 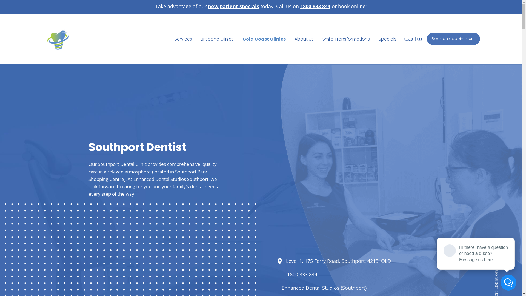 I want to click on 'Gold Coast Clinics', so click(x=264, y=39).